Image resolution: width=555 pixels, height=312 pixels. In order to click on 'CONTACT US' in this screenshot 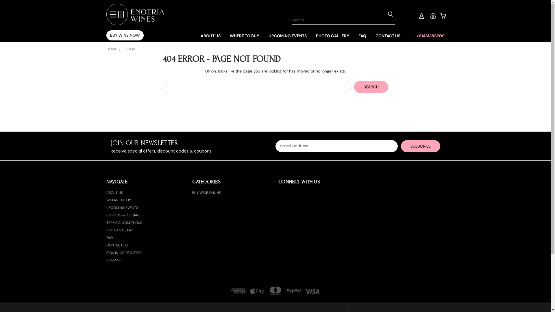, I will do `click(106, 246)`.